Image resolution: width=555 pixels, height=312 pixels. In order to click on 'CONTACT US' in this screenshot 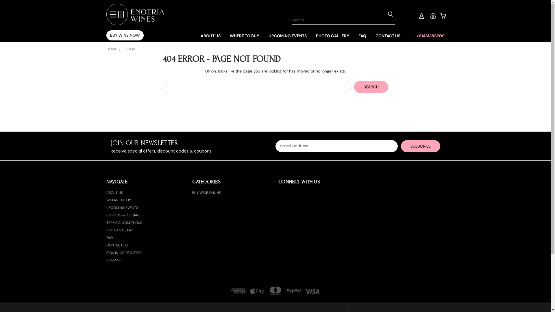, I will do `click(106, 246)`.